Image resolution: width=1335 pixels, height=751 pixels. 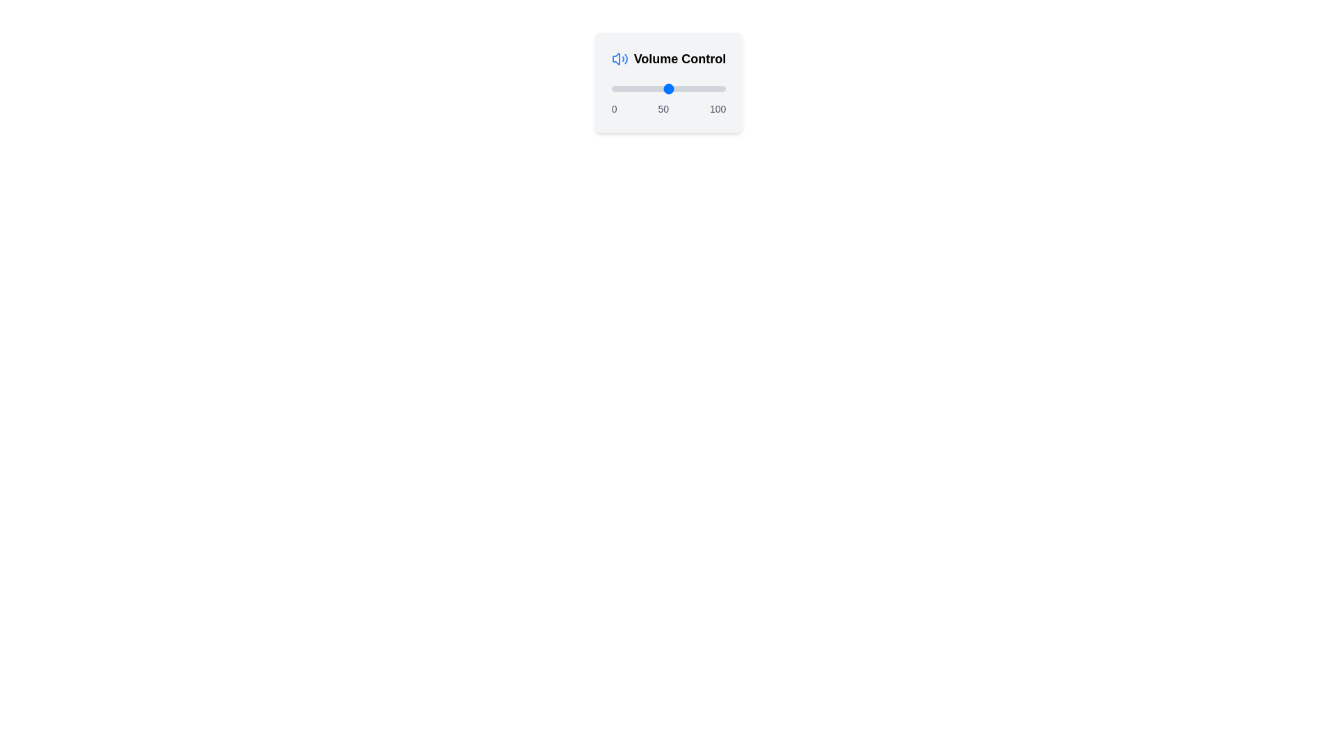 What do you see at coordinates (615, 58) in the screenshot?
I see `the blue speaker icon located in the top-left corner of the volume control card, preceding the 'Volume Control' label` at bounding box center [615, 58].